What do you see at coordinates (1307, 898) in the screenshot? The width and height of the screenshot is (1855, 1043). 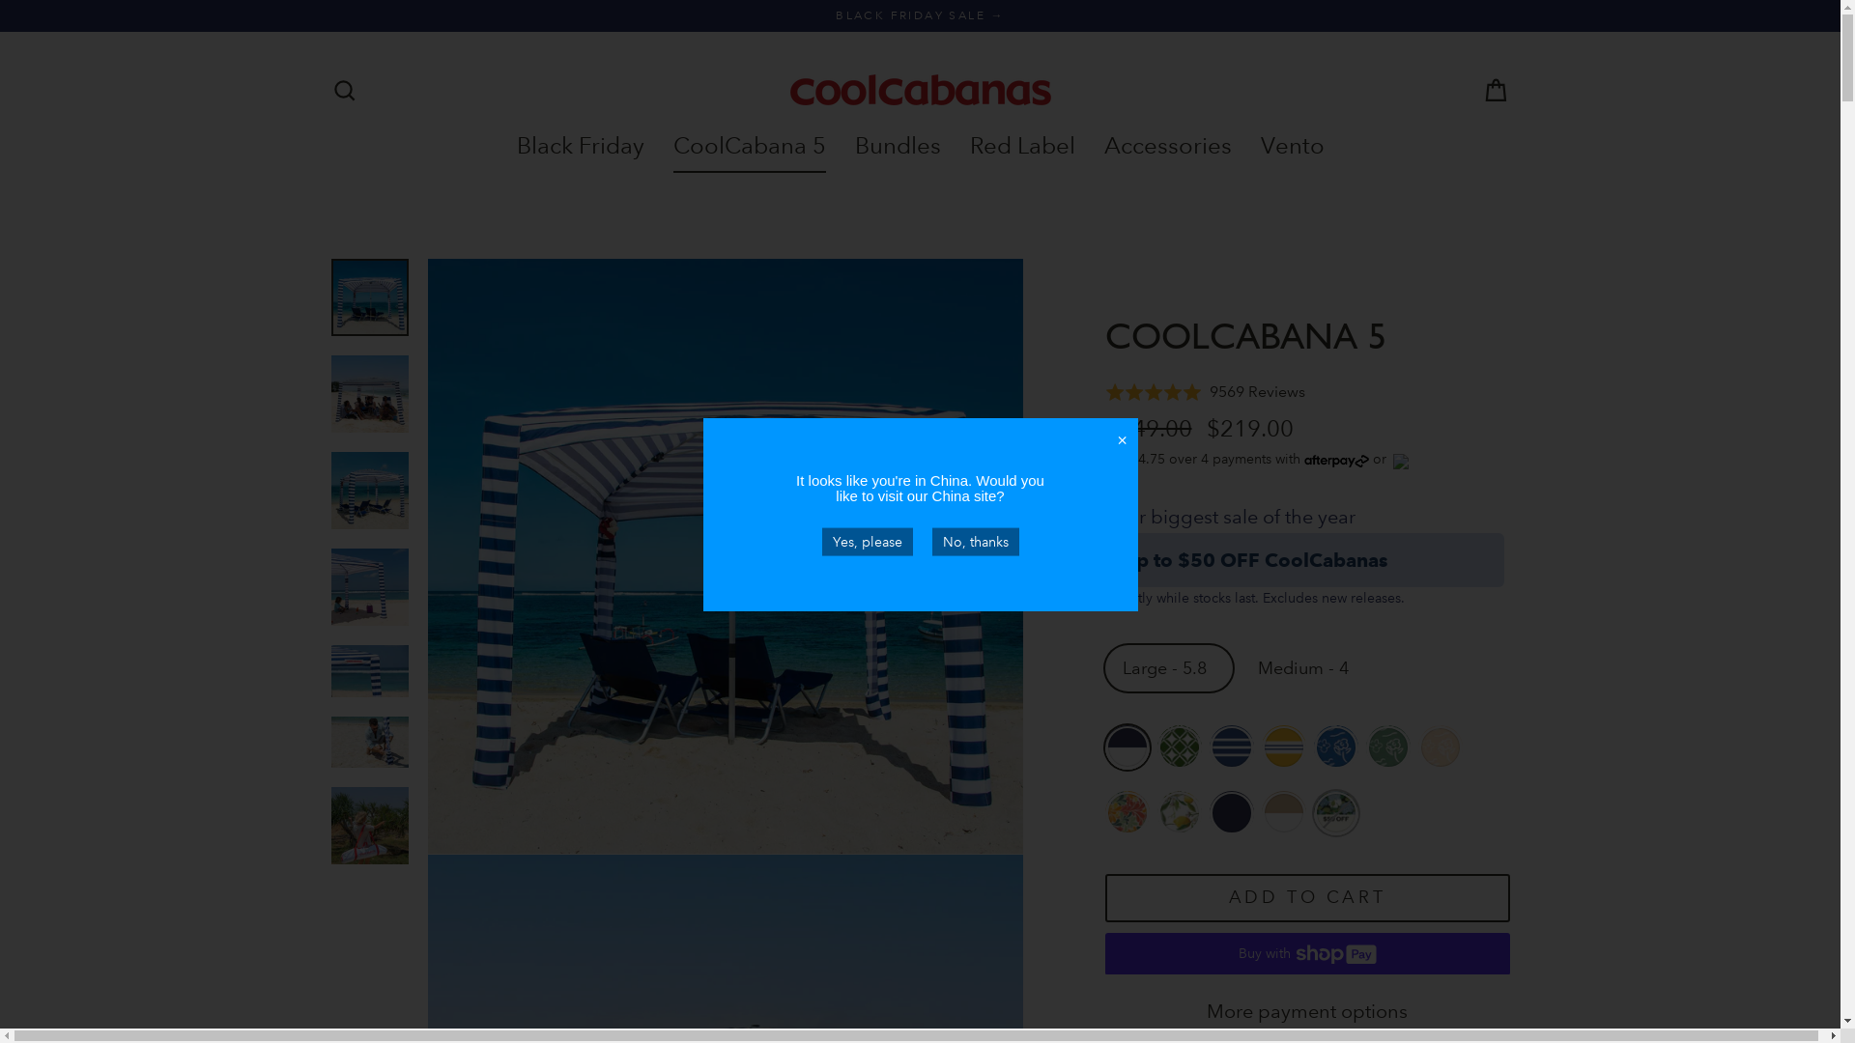 I see `'ADD TO CART'` at bounding box center [1307, 898].